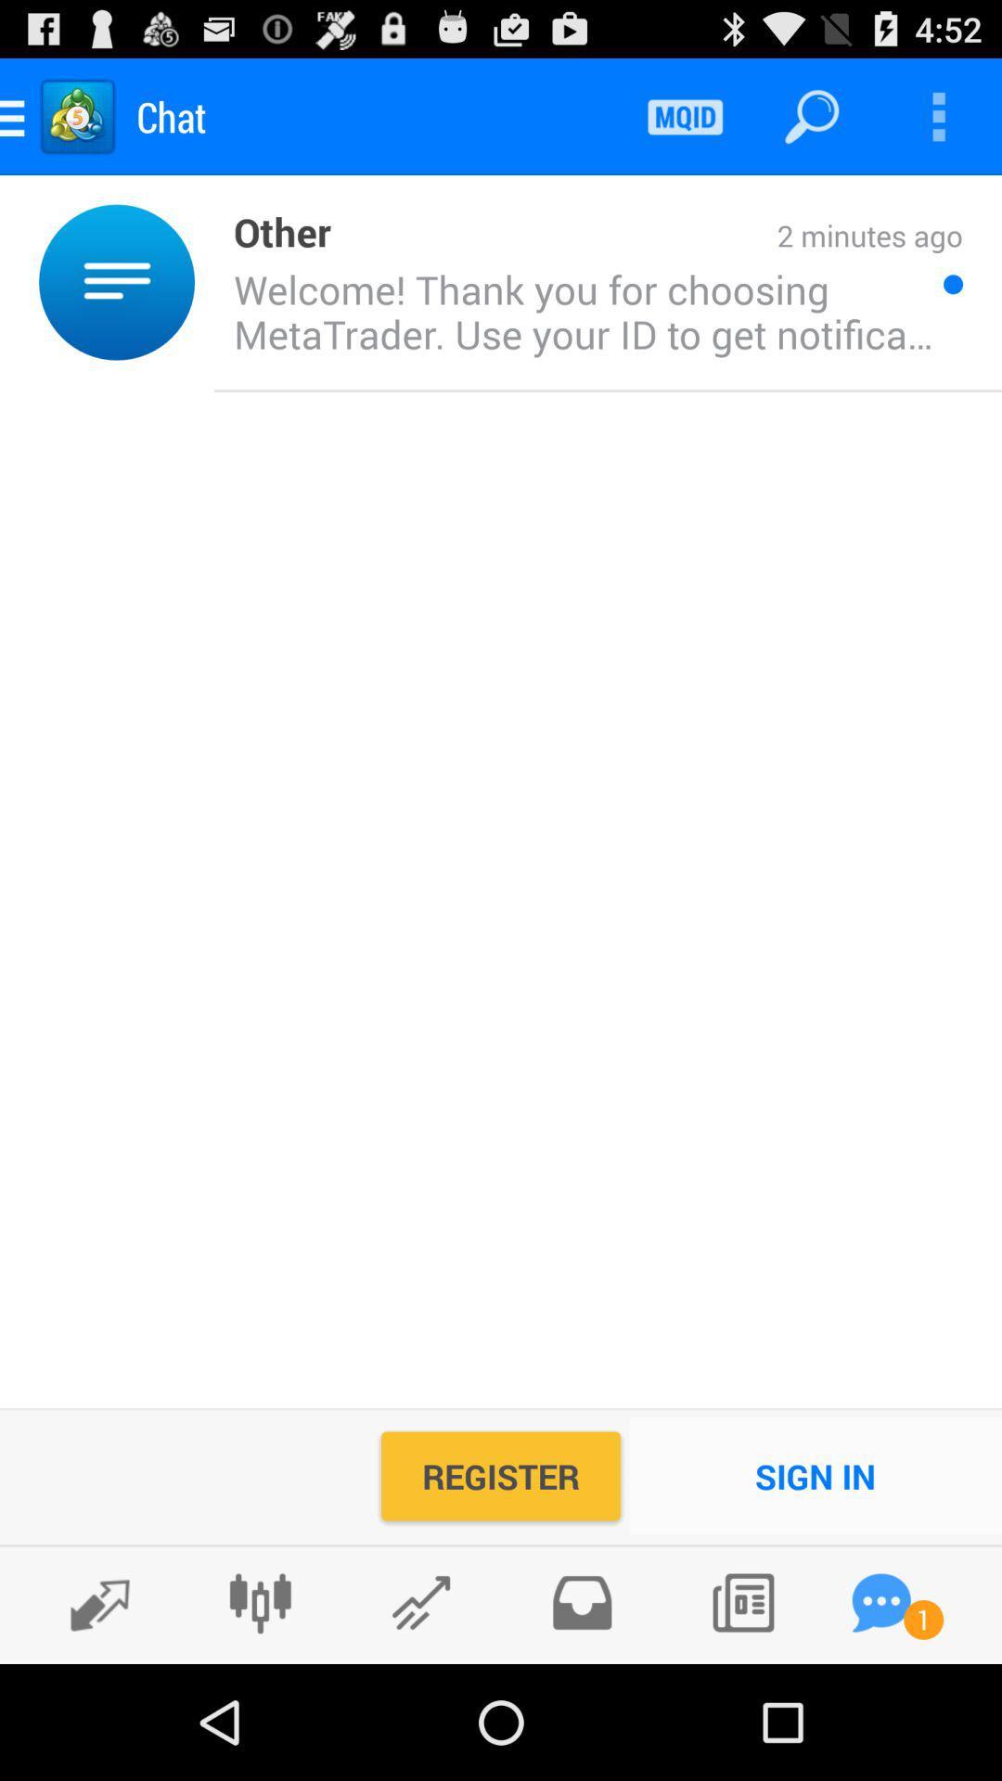  What do you see at coordinates (272, 229) in the screenshot?
I see `other` at bounding box center [272, 229].